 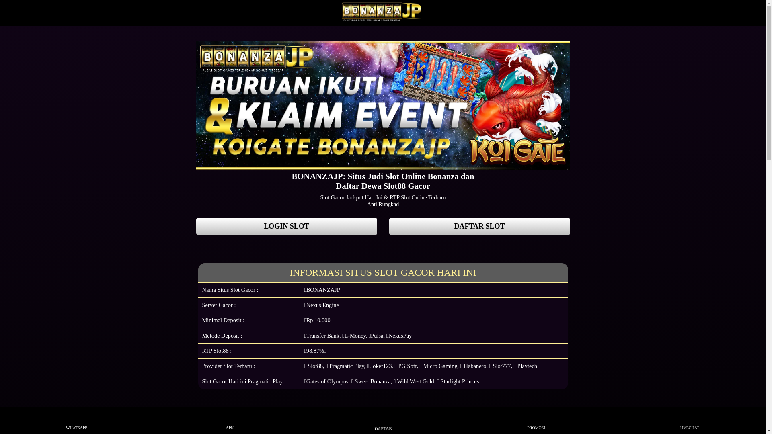 What do you see at coordinates (287, 226) in the screenshot?
I see `'LOGIN SLOT'` at bounding box center [287, 226].